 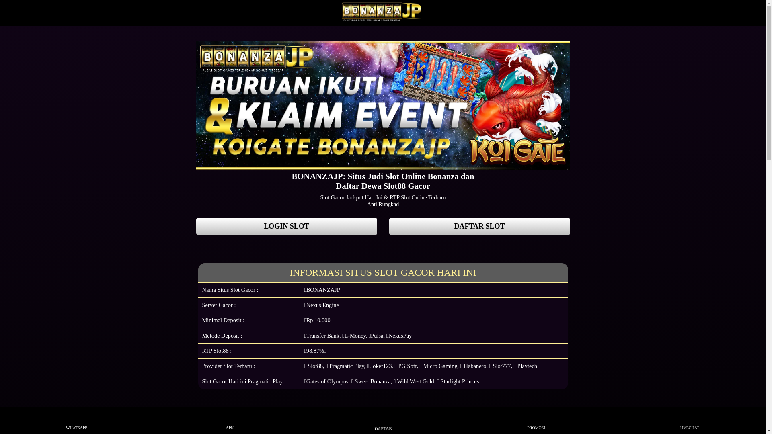 What do you see at coordinates (287, 226) in the screenshot?
I see `'LOGIN SLOT'` at bounding box center [287, 226].